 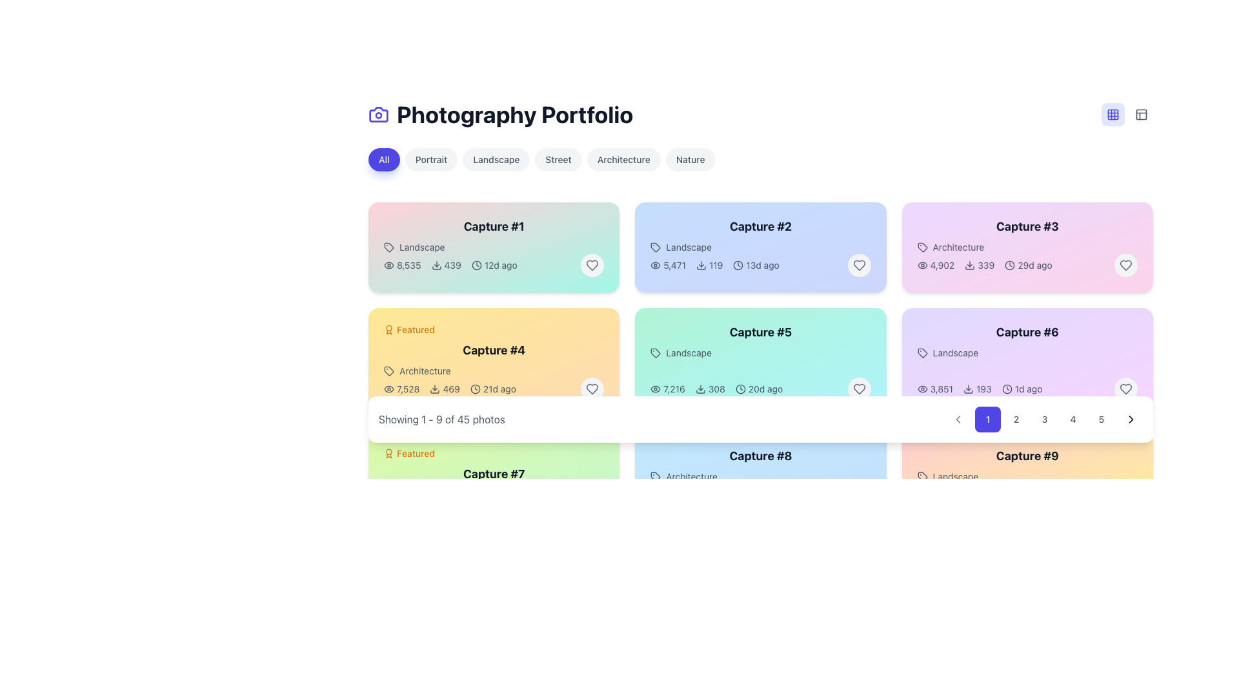 What do you see at coordinates (500, 113) in the screenshot?
I see `the Text and Icon combination element that serves as a title for the photography portfolio, located near the top of the page` at bounding box center [500, 113].